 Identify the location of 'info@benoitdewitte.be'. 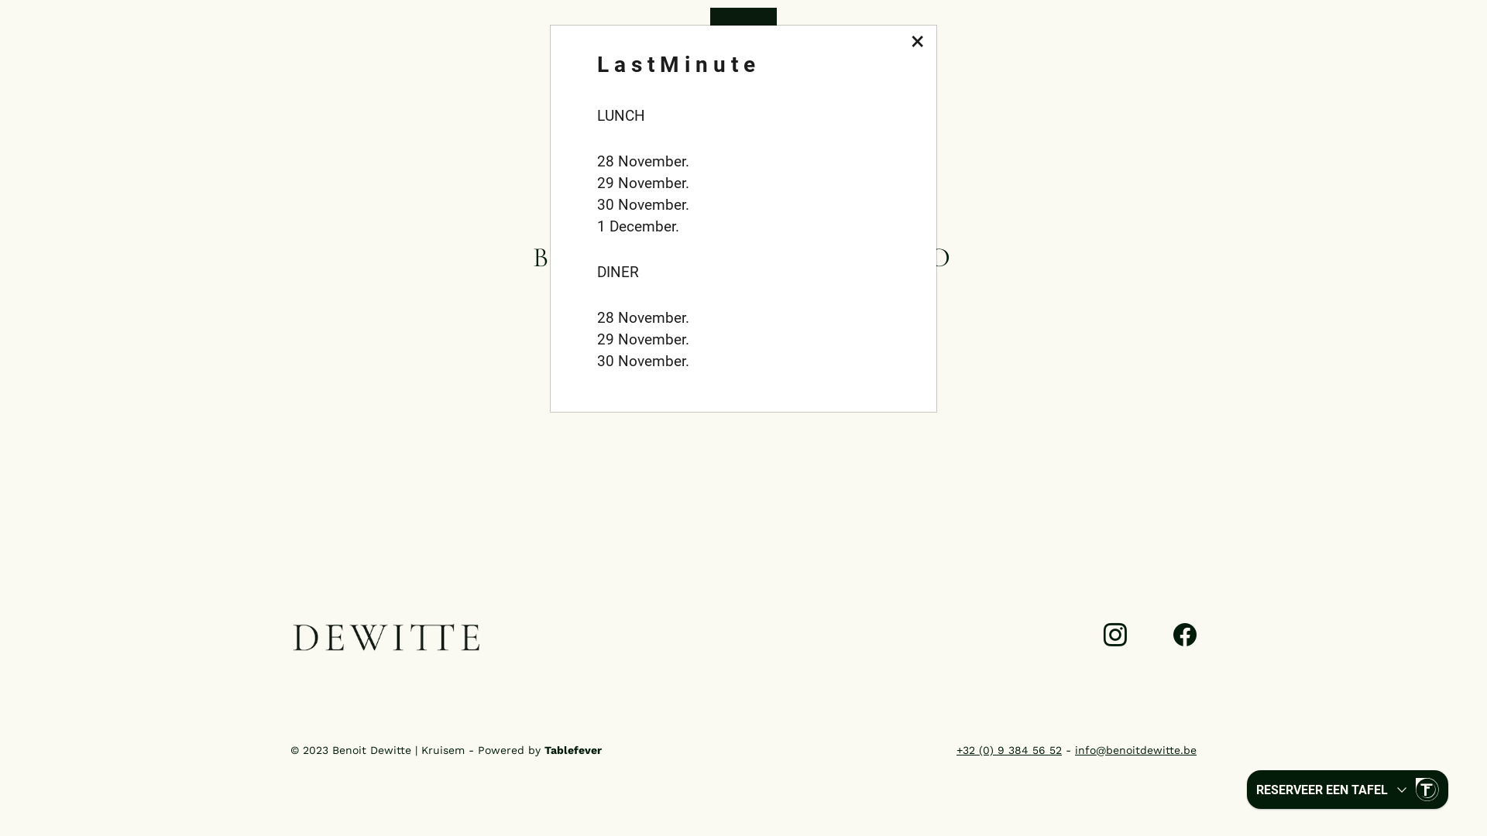
(1135, 749).